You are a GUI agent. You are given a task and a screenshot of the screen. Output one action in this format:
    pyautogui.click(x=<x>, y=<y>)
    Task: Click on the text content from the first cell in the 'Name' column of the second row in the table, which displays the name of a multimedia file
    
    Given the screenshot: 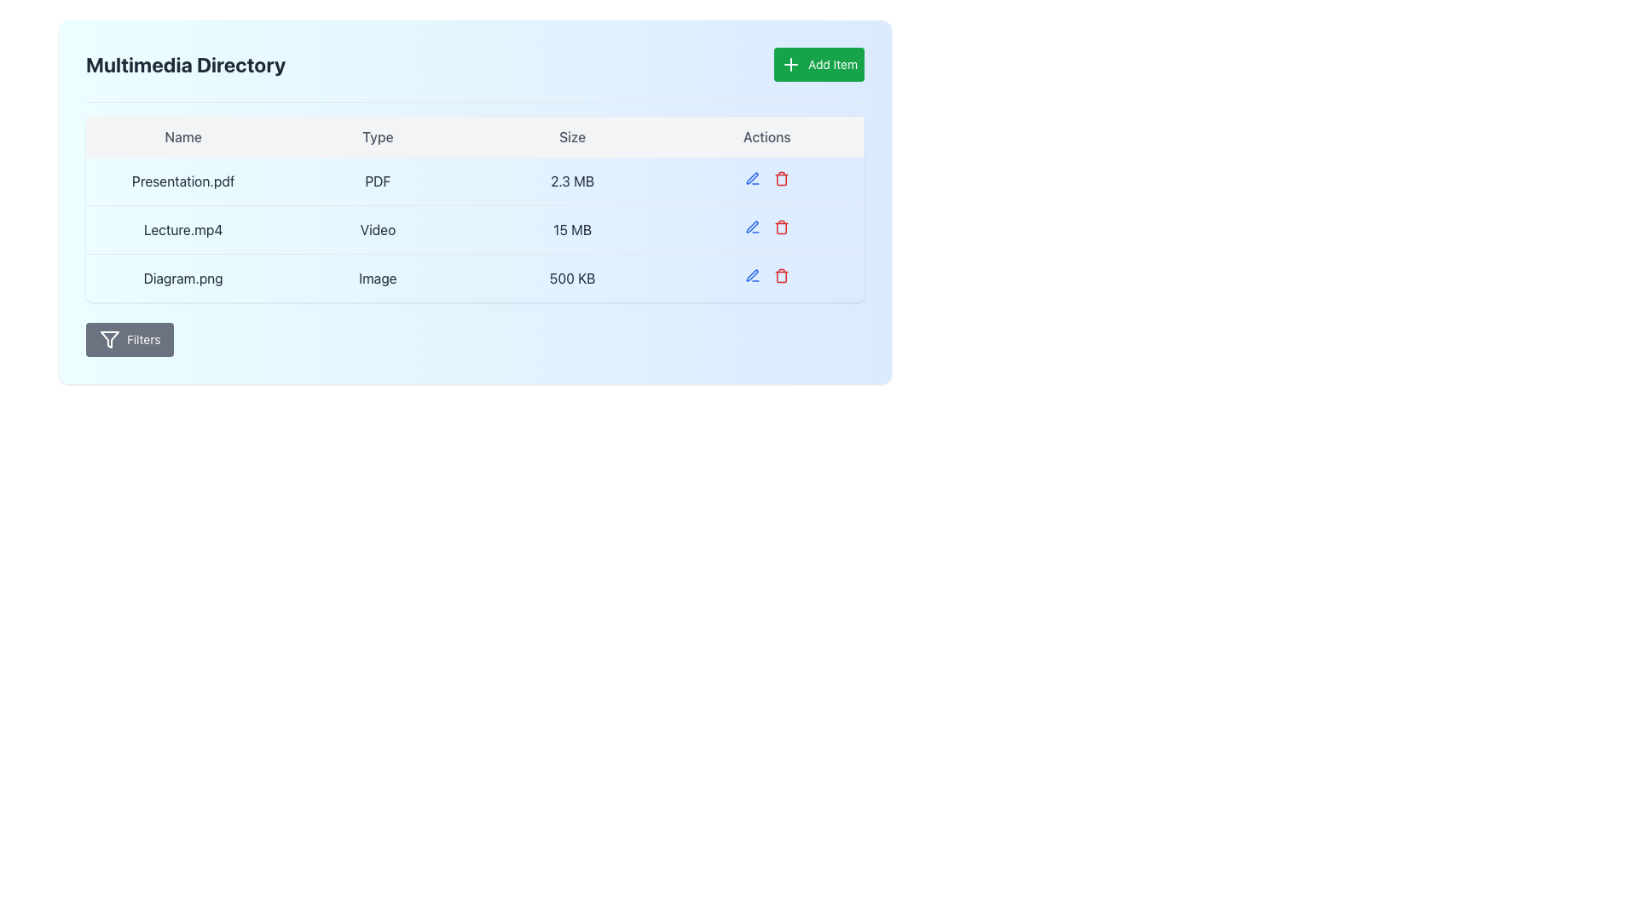 What is the action you would take?
    pyautogui.click(x=183, y=230)
    